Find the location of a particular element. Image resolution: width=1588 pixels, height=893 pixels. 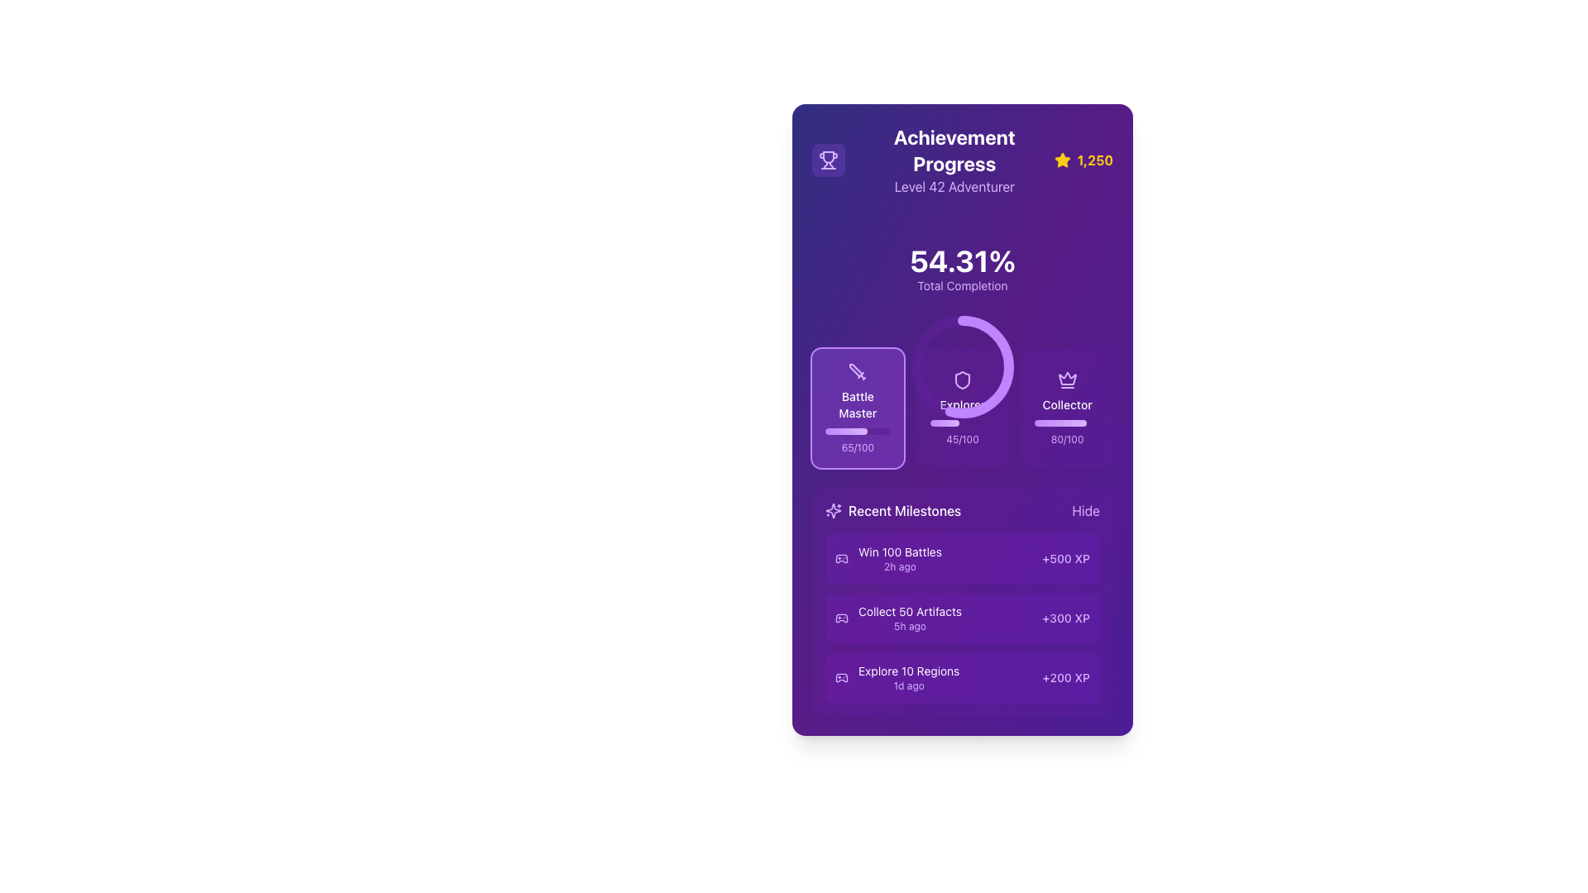

the Text element indicating the reward for the task 'Collect 50 Artifacts 5h ago', located in the 'Recent Milestones' section as the third item in the list is located at coordinates (1066, 618).